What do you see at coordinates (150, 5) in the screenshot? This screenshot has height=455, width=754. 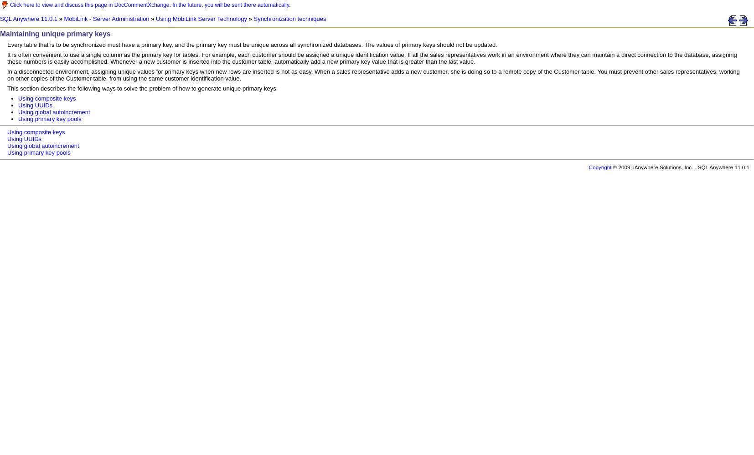 I see `'Click here to view and discuss this page in DocCommentXchange. In the future, you will be sent there automatically.'` at bounding box center [150, 5].